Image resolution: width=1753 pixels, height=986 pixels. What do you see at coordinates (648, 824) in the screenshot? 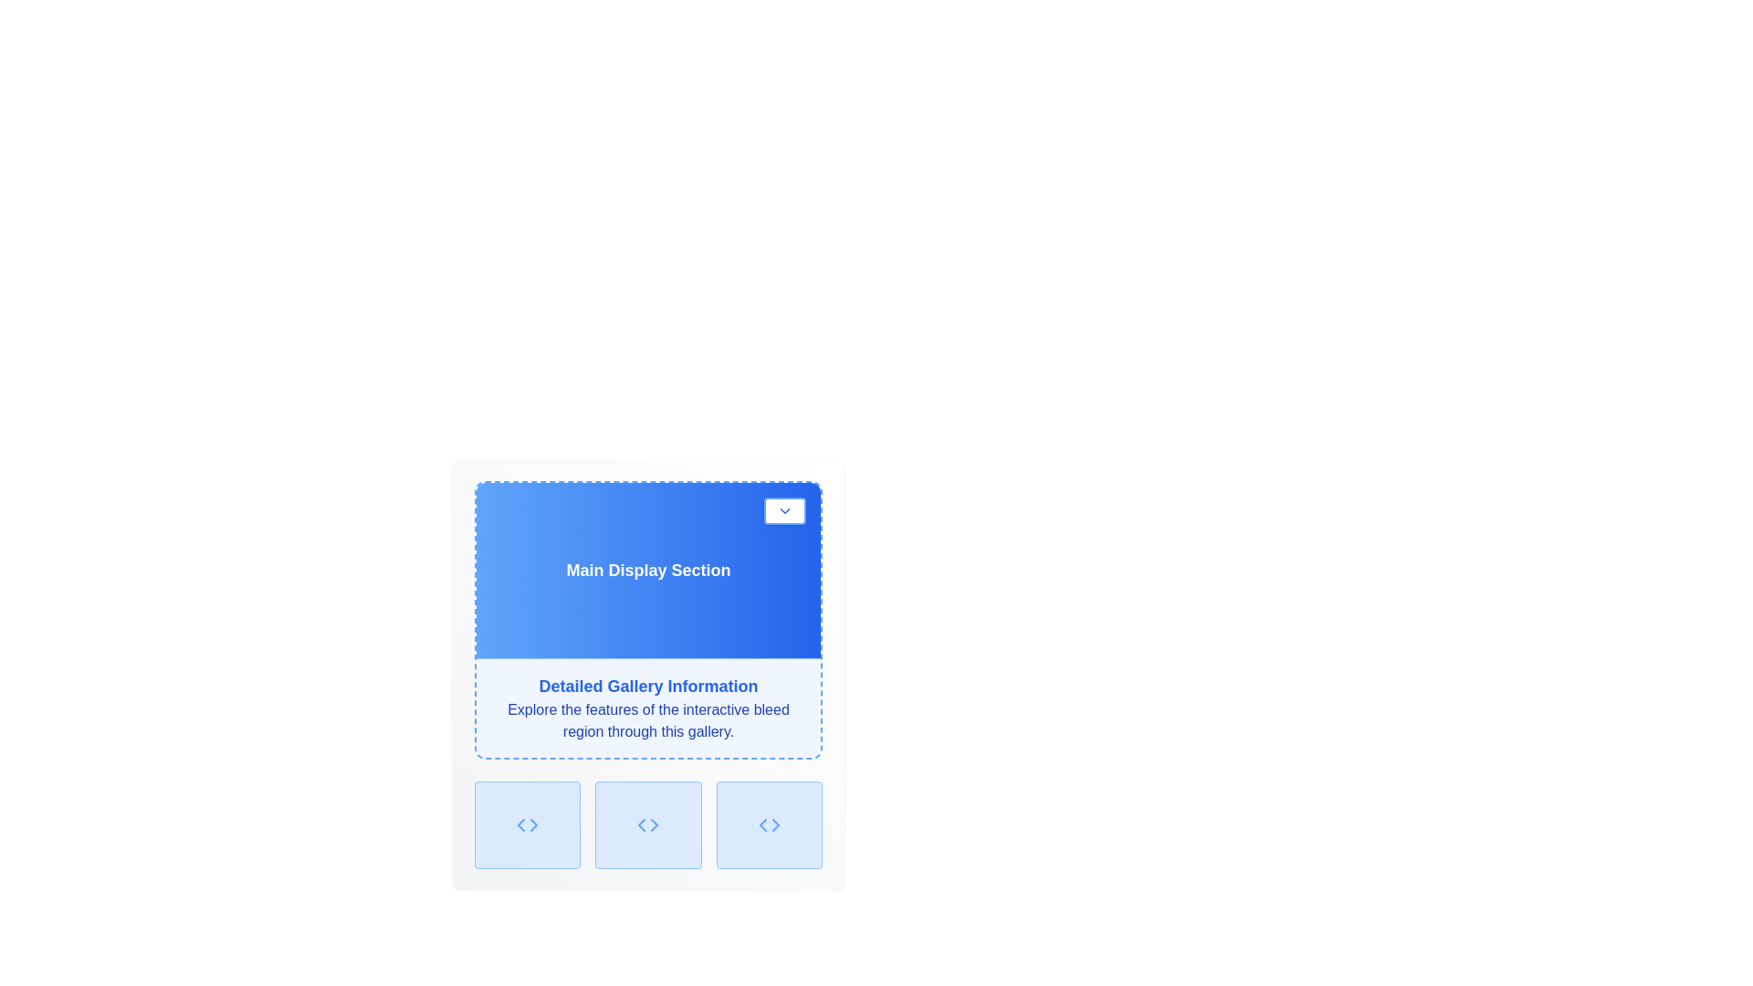
I see `the interactive grid cell with a code-themed SVG icon, which is the middle box in a three-cell grid layout beneath the 'Detailed Gallery Information' section` at bounding box center [648, 824].